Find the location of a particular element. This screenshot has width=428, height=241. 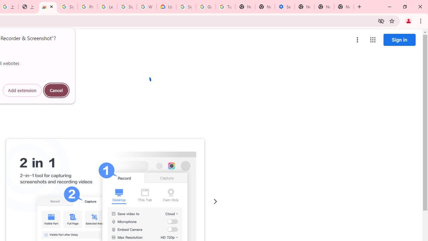

'Awesome Screen Recorder & Screenshot - Chrome Web Store' is located at coordinates (47, 7).